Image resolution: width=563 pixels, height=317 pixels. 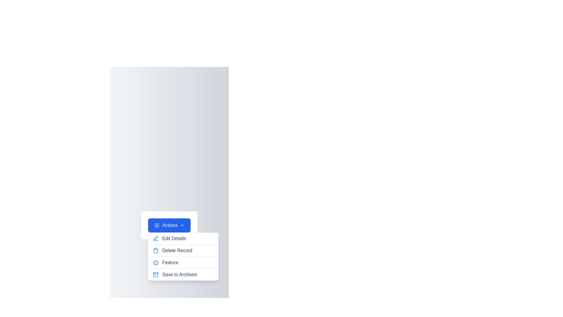 What do you see at coordinates (183, 275) in the screenshot?
I see `the option Save to Archives from the dropdown menu` at bounding box center [183, 275].